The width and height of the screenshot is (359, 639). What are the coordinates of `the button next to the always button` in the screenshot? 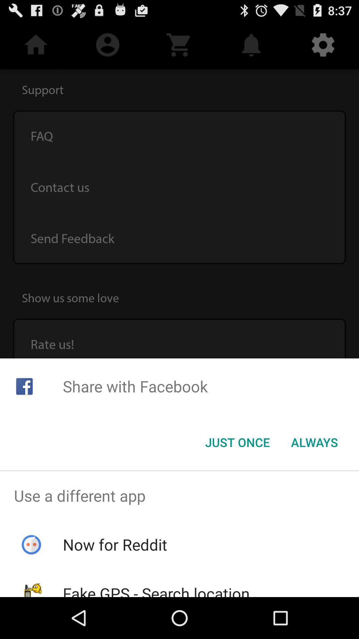 It's located at (237, 442).